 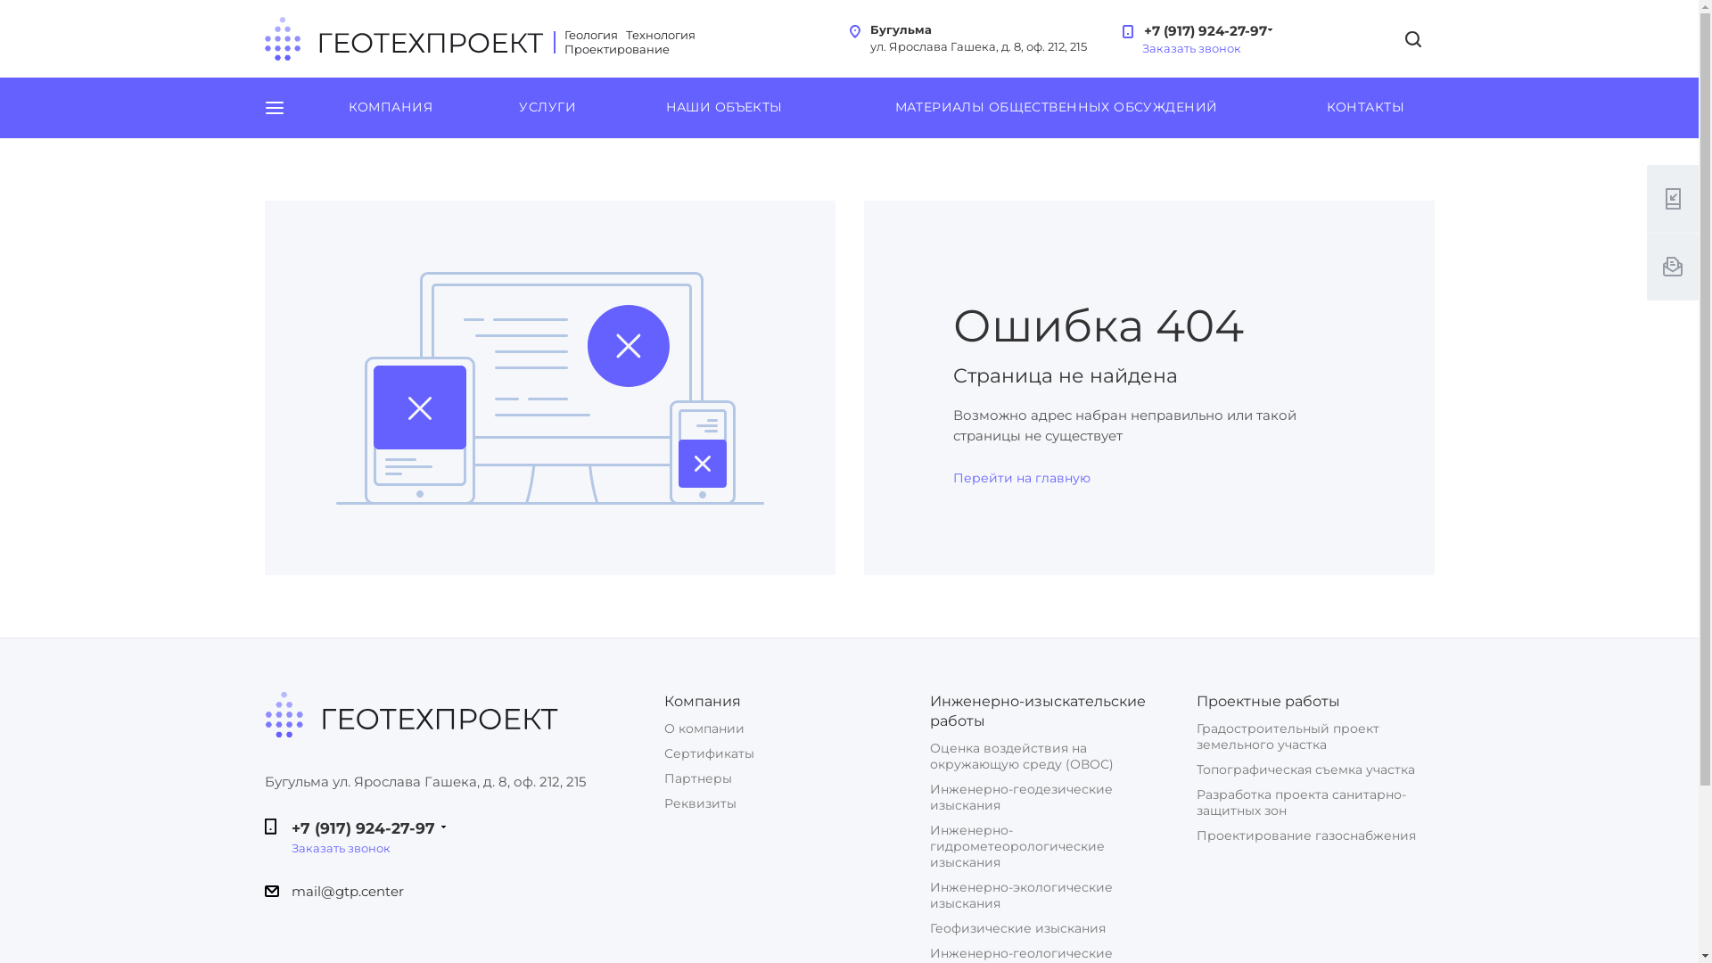 What do you see at coordinates (346, 891) in the screenshot?
I see `'mail@gtp.center'` at bounding box center [346, 891].